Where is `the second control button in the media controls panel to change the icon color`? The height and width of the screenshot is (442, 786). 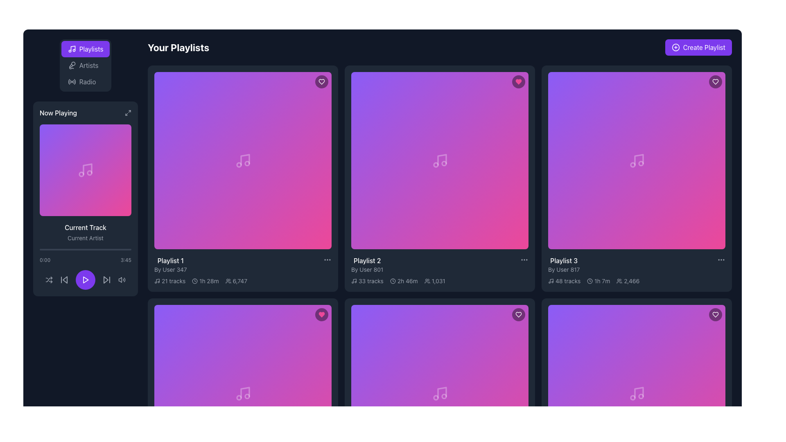
the second control button in the media controls panel to change the icon color is located at coordinates (64, 279).